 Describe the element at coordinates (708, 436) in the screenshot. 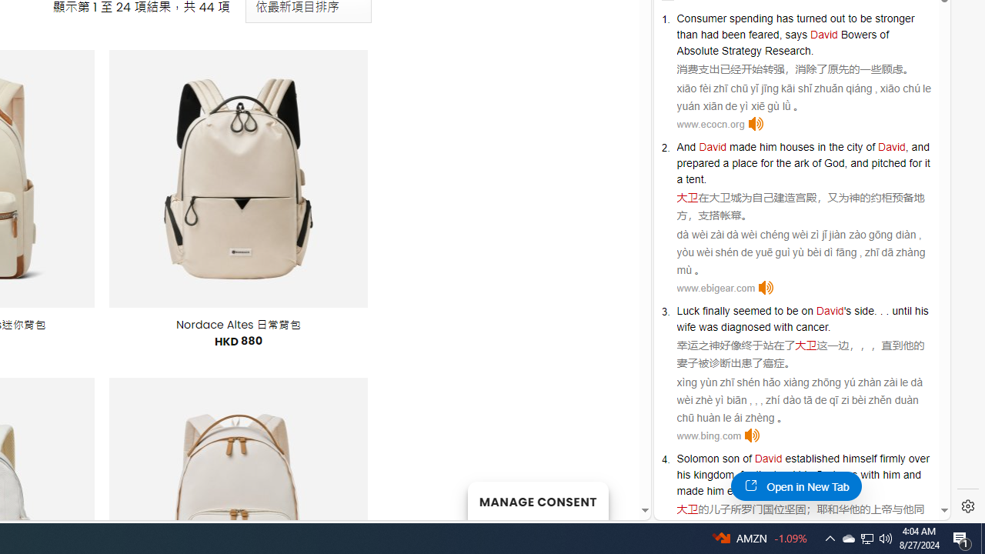

I see `'www.bing.com'` at that location.